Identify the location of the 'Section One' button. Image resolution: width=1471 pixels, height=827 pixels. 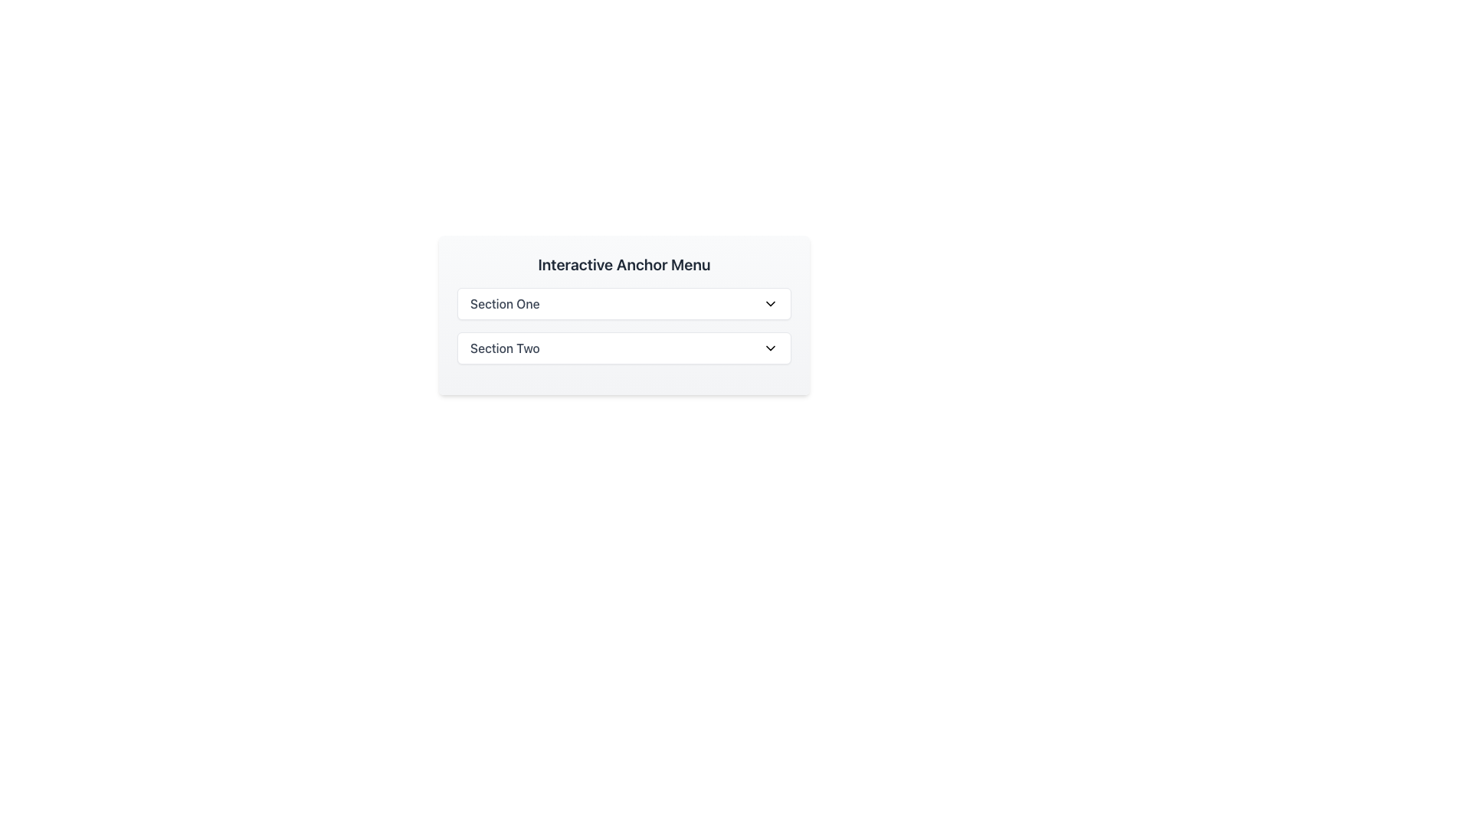
(624, 304).